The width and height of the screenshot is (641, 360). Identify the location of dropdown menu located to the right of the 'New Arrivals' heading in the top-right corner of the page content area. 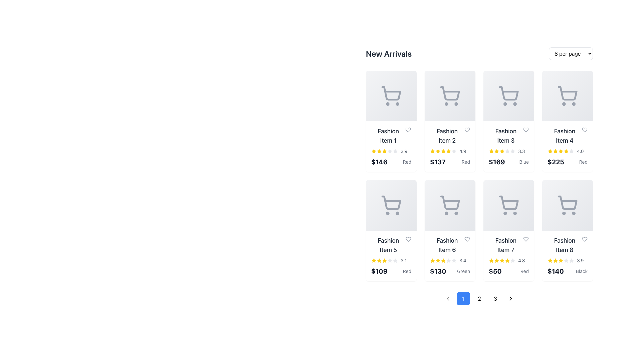
(570, 53).